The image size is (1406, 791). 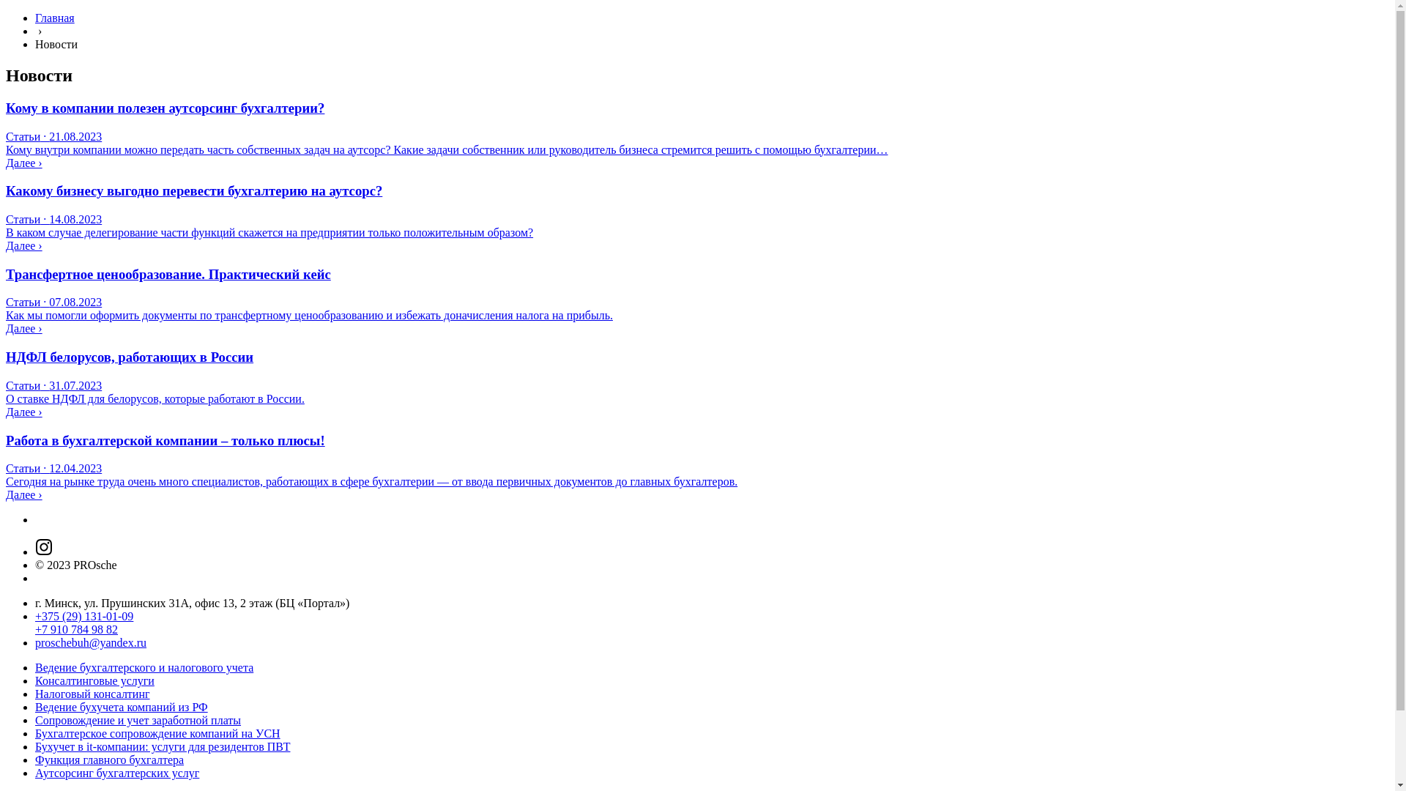 What do you see at coordinates (83, 616) in the screenshot?
I see `'+375 (29) 131-01-09'` at bounding box center [83, 616].